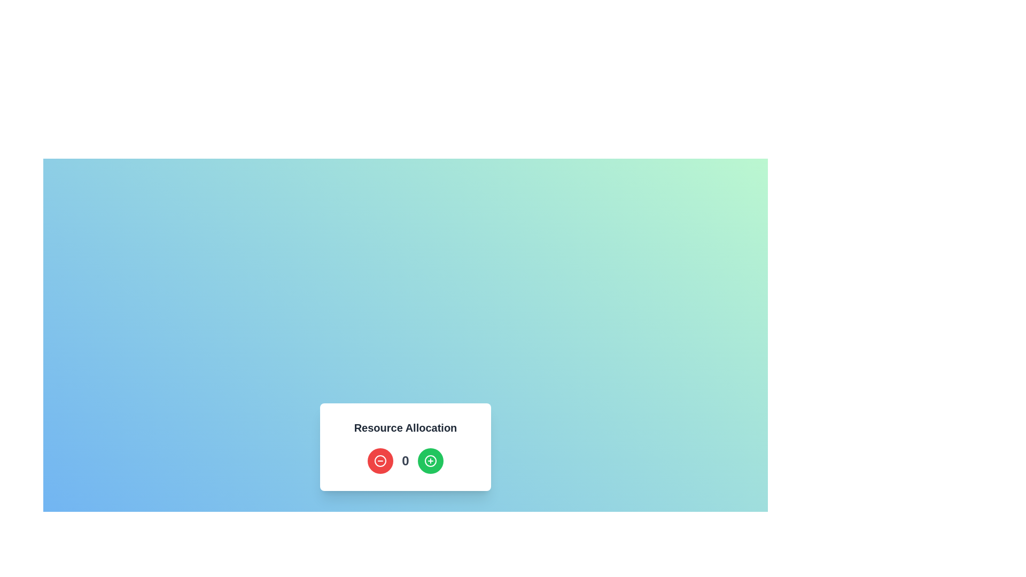  What do you see at coordinates (380, 461) in the screenshot?
I see `the interactive decrement button located at the leftmost position under the 'Resource Allocation' header to navigate` at bounding box center [380, 461].